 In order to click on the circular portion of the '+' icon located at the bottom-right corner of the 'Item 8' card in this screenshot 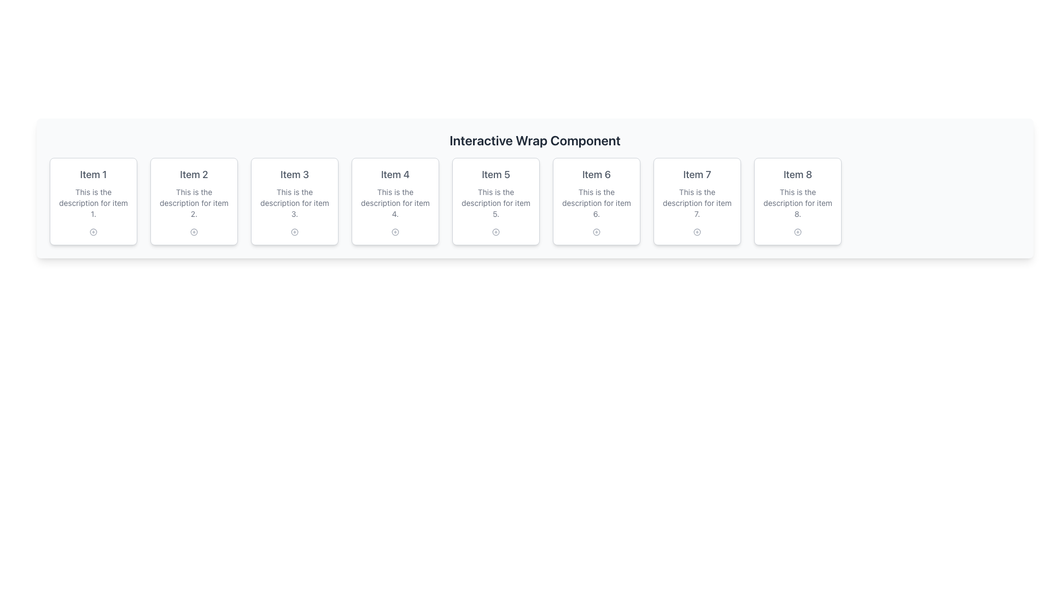, I will do `click(798, 231)`.